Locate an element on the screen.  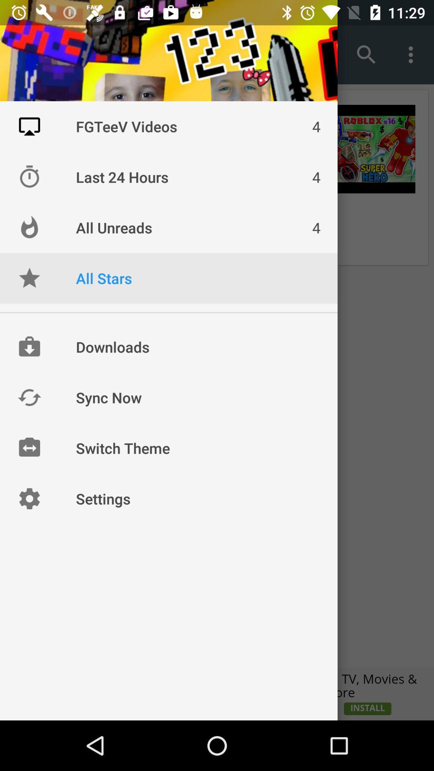
the downloads icon is located at coordinates (29, 347).